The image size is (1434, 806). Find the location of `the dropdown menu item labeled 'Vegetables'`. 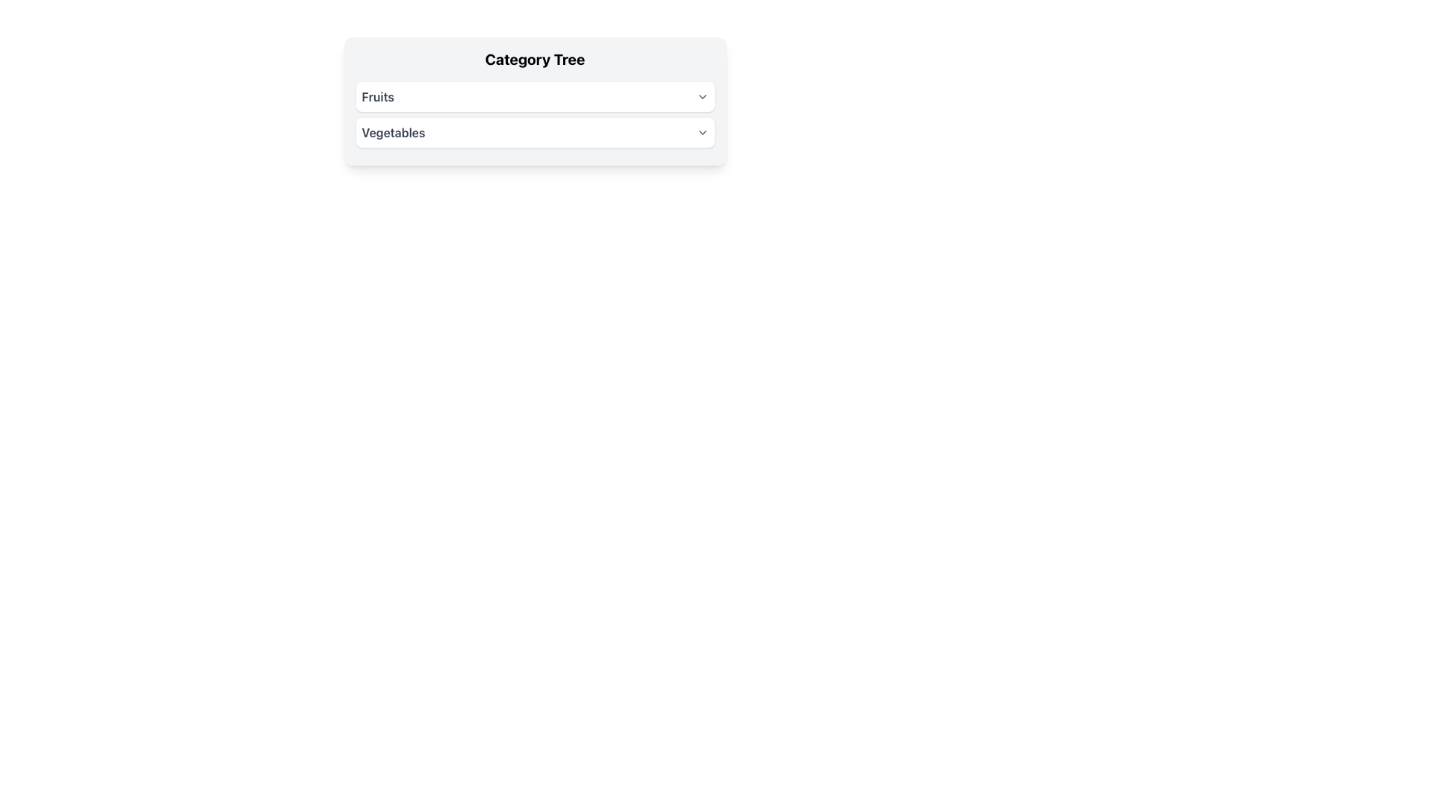

the dropdown menu item labeled 'Vegetables' is located at coordinates (535, 131).